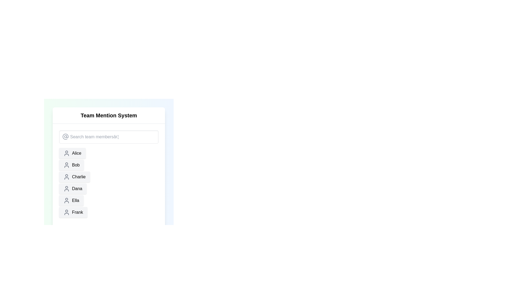  I want to click on the avatar icon representing the user profile labeled 'Bob', so click(66, 165).